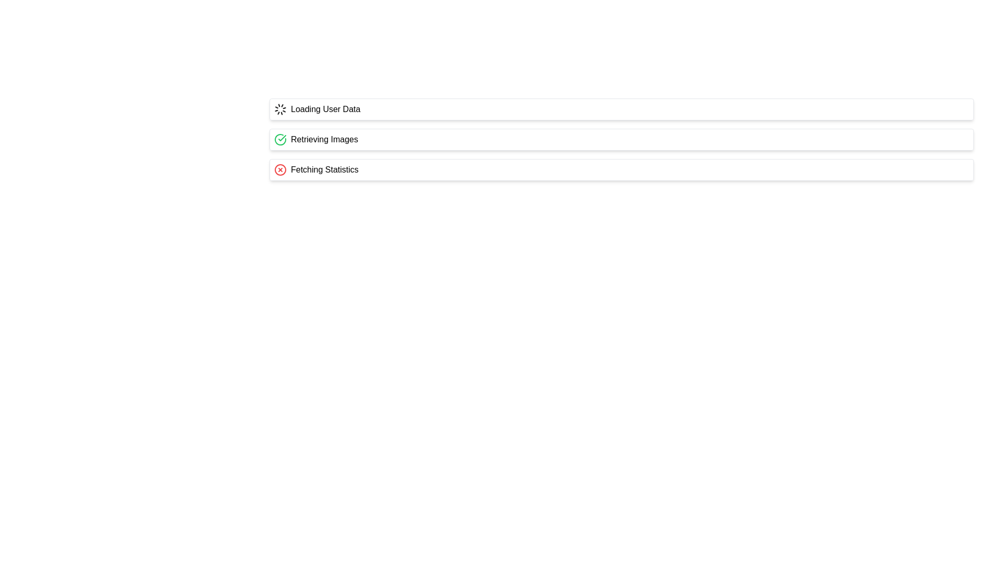  Describe the element at coordinates (324, 169) in the screenshot. I see `the text label displaying 'Fetching Statistics', which is the third item in a vertical list of status indicators and is accompanied by a red circular icon` at that location.